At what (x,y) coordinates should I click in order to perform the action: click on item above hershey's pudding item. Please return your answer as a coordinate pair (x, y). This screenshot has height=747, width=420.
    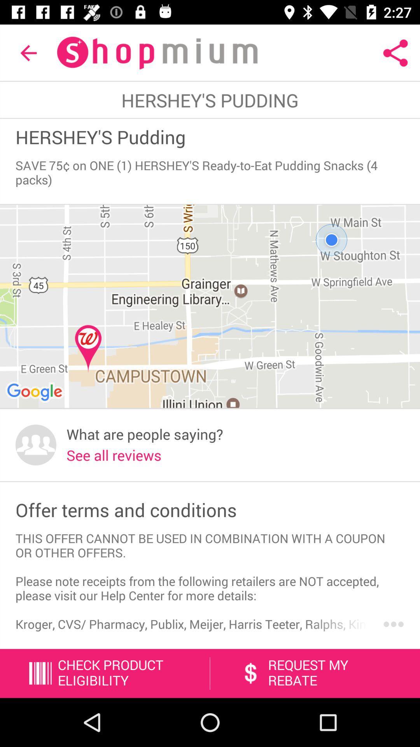
    Looking at the image, I should click on (395, 53).